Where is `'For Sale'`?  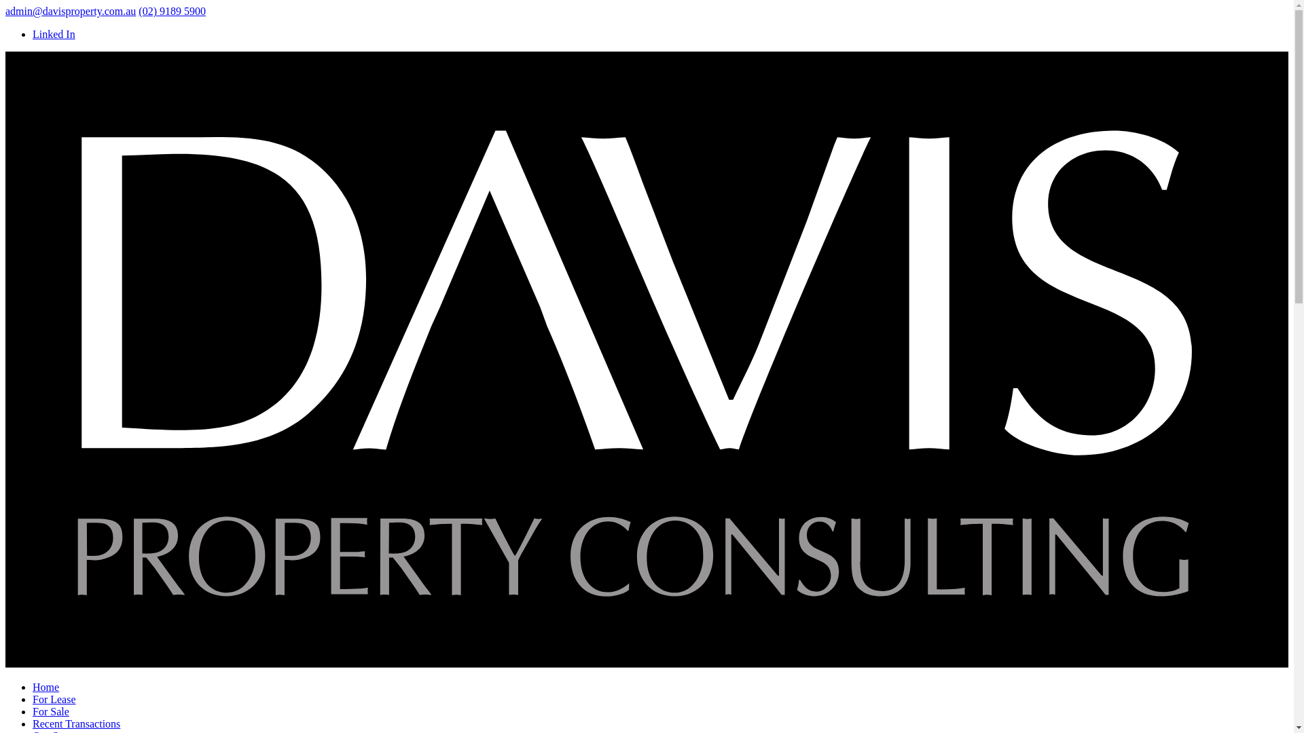 'For Sale' is located at coordinates (51, 711).